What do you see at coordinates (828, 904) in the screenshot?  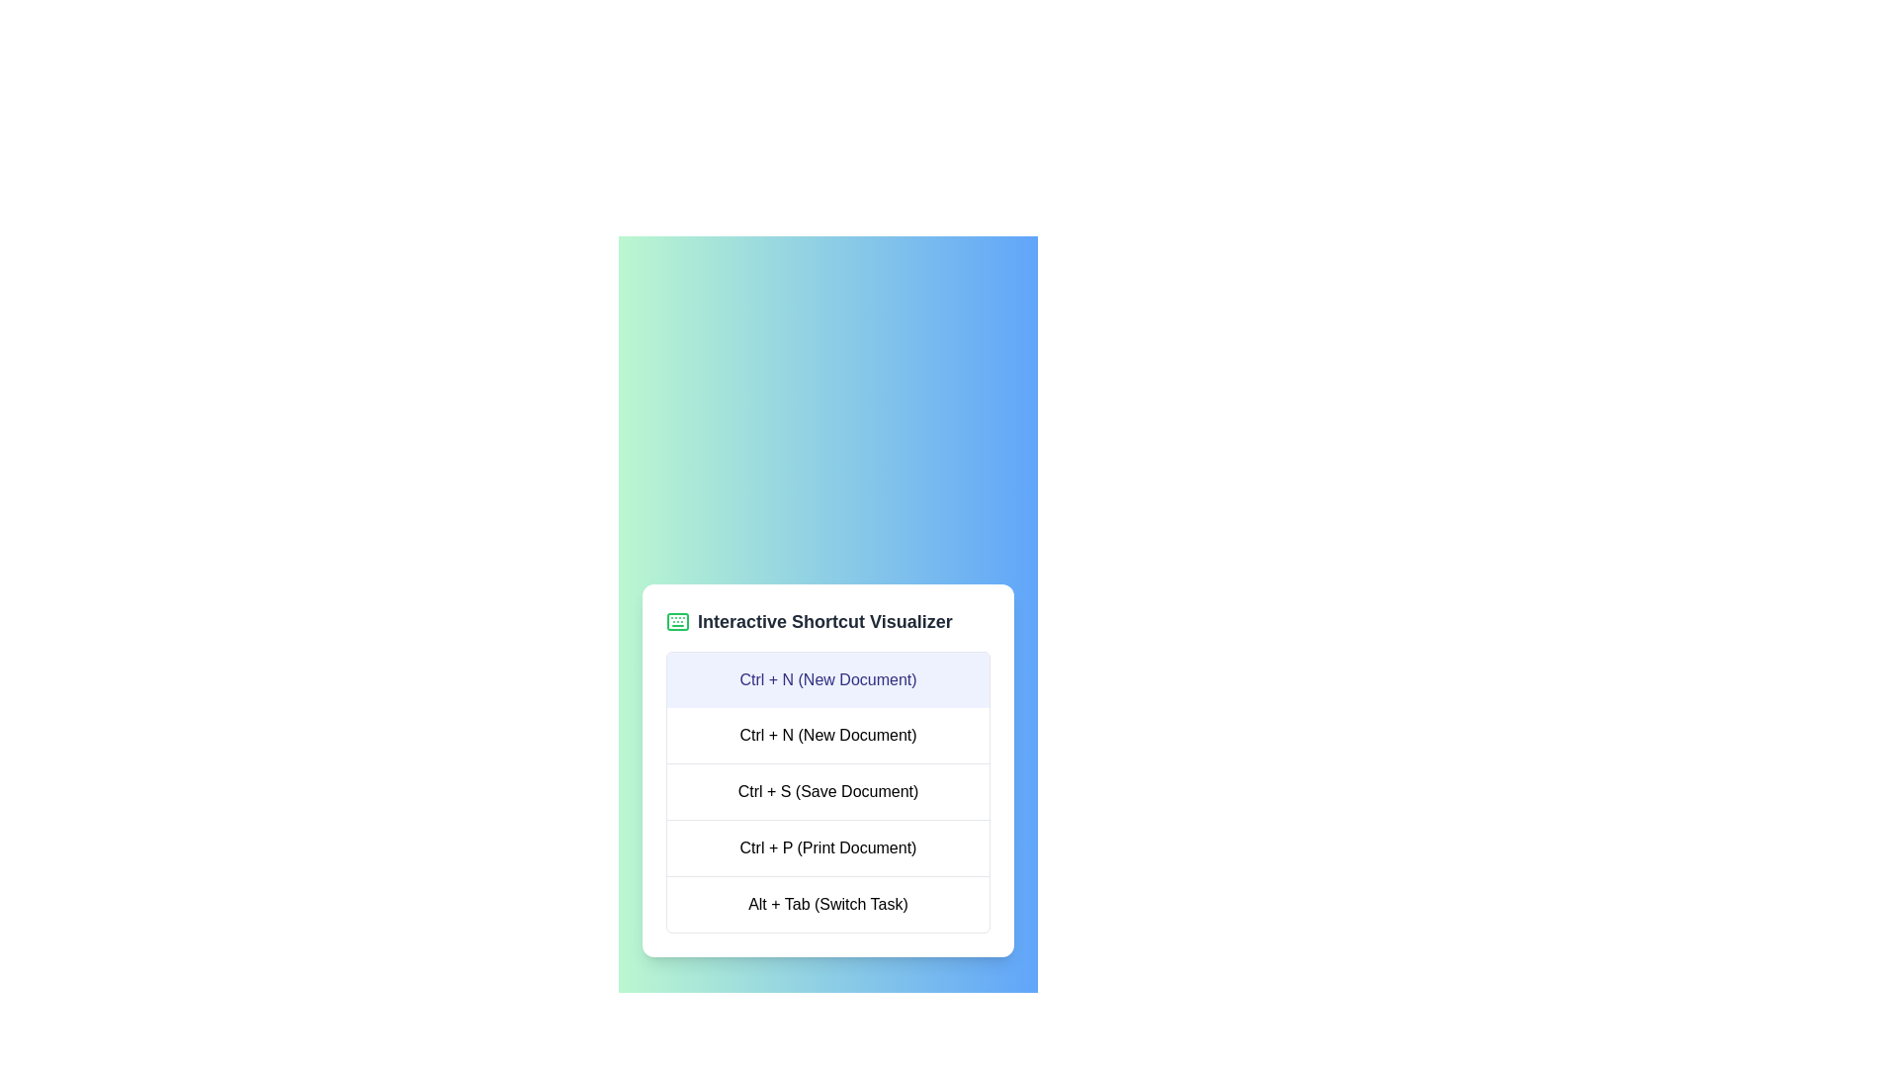 I see `informational text displayed as 'Alt + Tab (Switch Task)' in black text on a white background, located as the fourth entry in the vertical list of the 'Interactive Shortcut Visualizer' panel` at bounding box center [828, 904].